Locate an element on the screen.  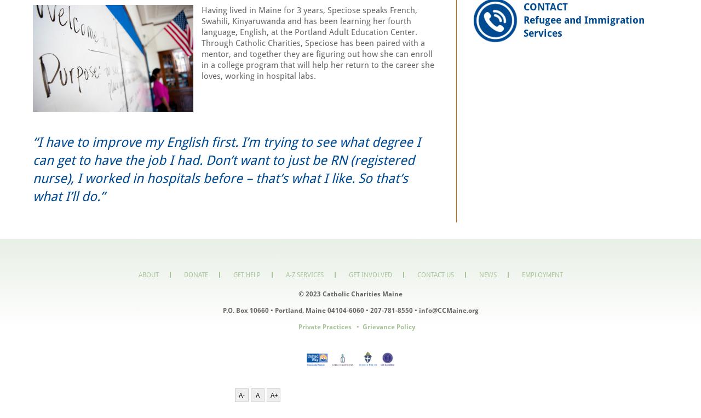
'Having lived in Maine for 3 years, Speciose speaks French, Swahili, Kinyaruwanda and has been learning her fourth language, English, at the Portland Adult Education Center. Through Catholic Charities, Speciose has been paired with a mentor, and together they are figuring out how she can enroll in a college program that will help her return to the career she loves, working in hospital labs.' is located at coordinates (317, 43).